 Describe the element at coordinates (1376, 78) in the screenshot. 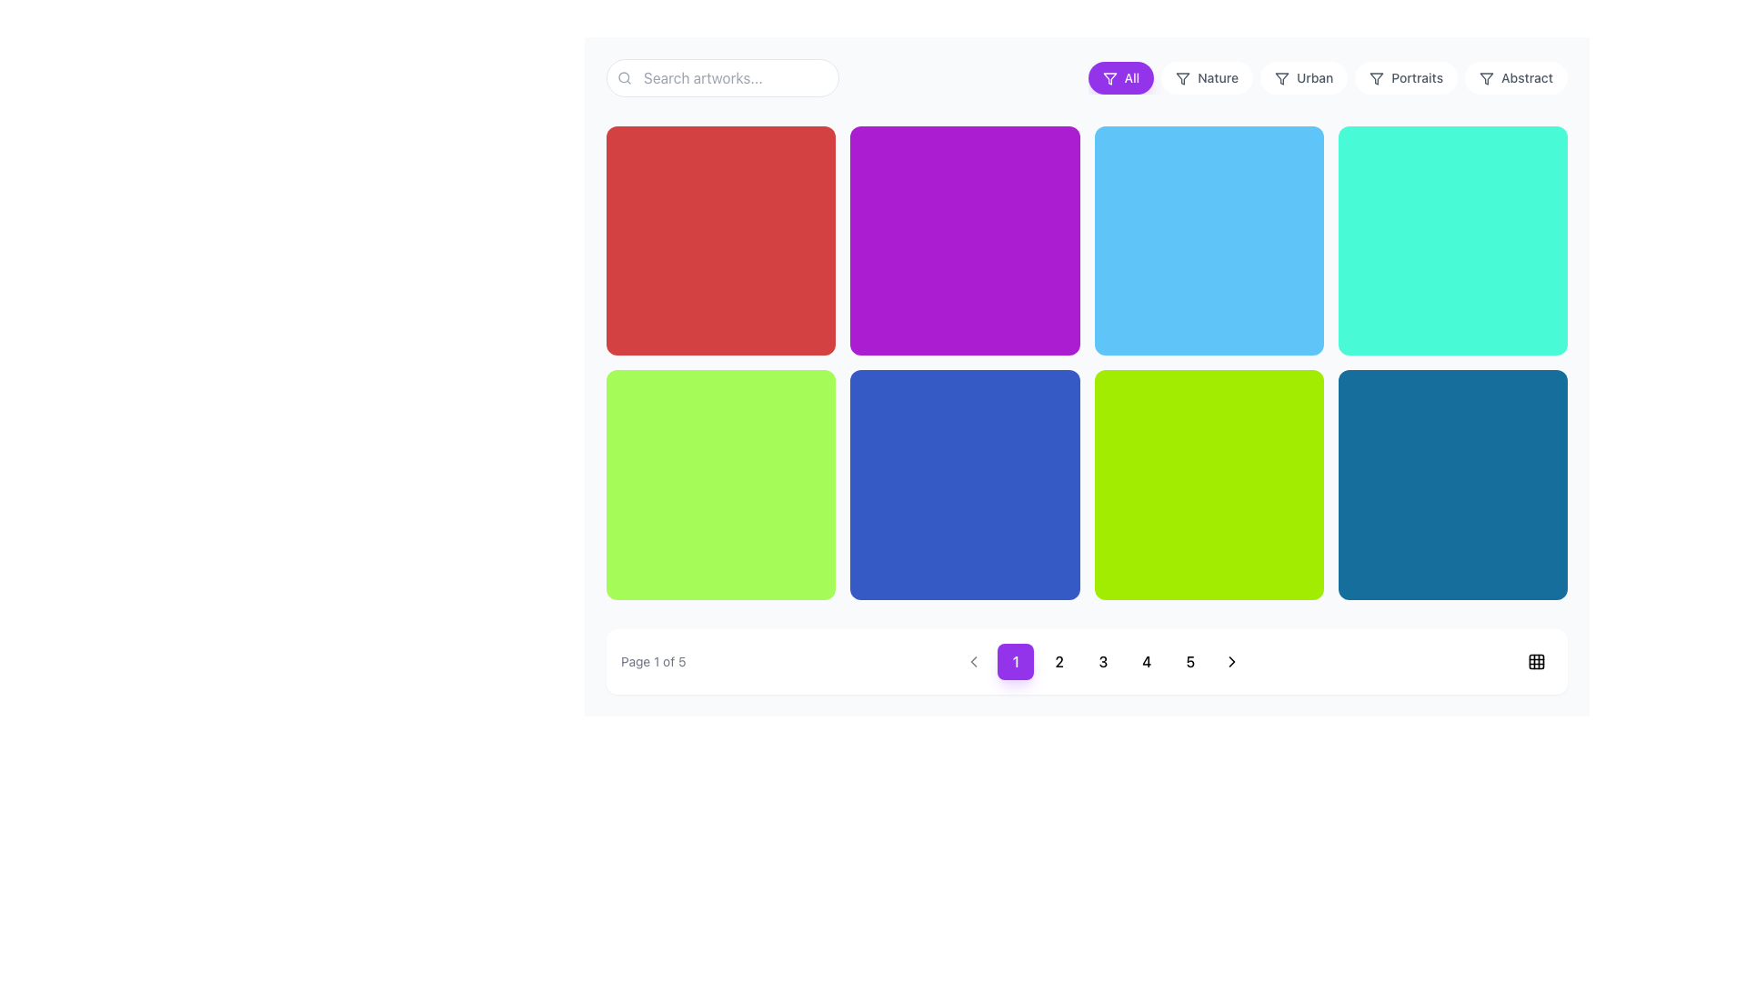

I see `the filtering icon resembling a funnel located` at that location.